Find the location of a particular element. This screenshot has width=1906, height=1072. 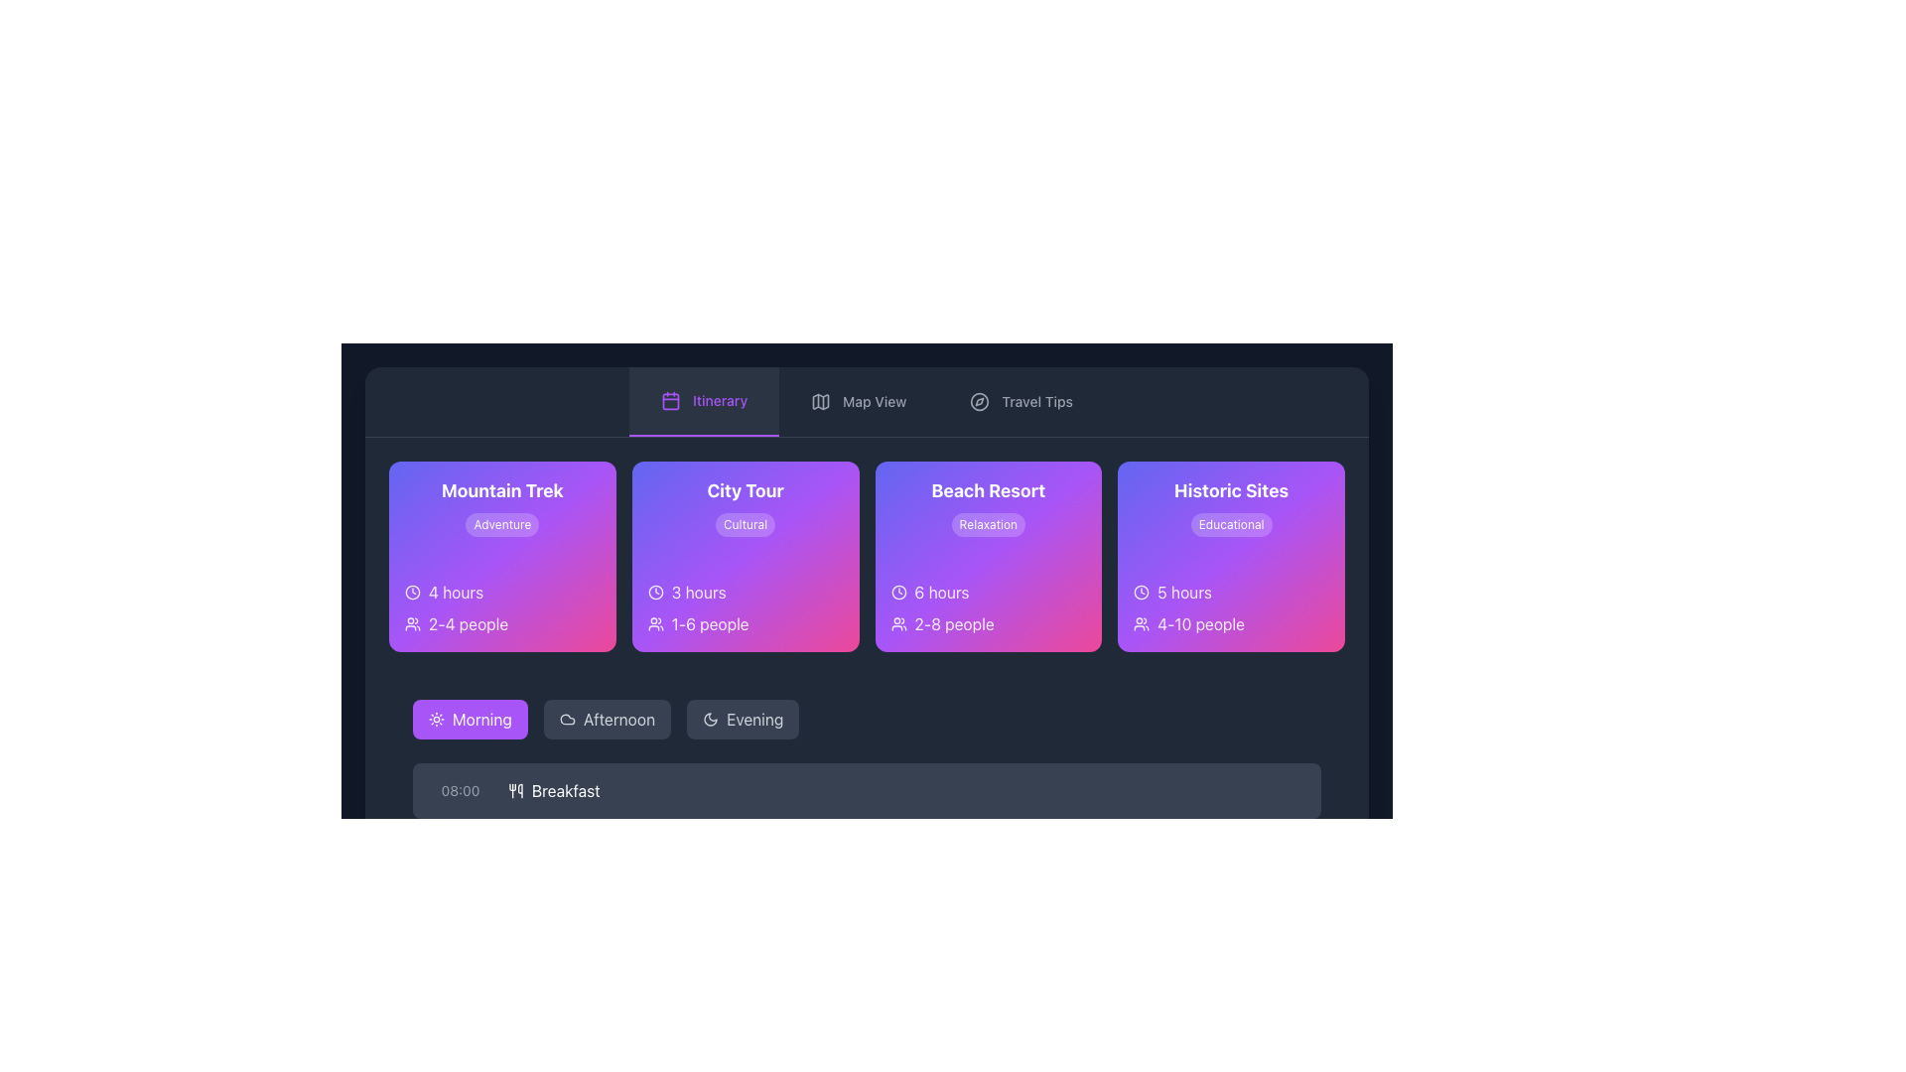

the 'City Tour' label, which is displayed in bold white font against a gradient background and is positioned in the upper central section of a rectangular card, if it is linkable is located at coordinates (745, 490).